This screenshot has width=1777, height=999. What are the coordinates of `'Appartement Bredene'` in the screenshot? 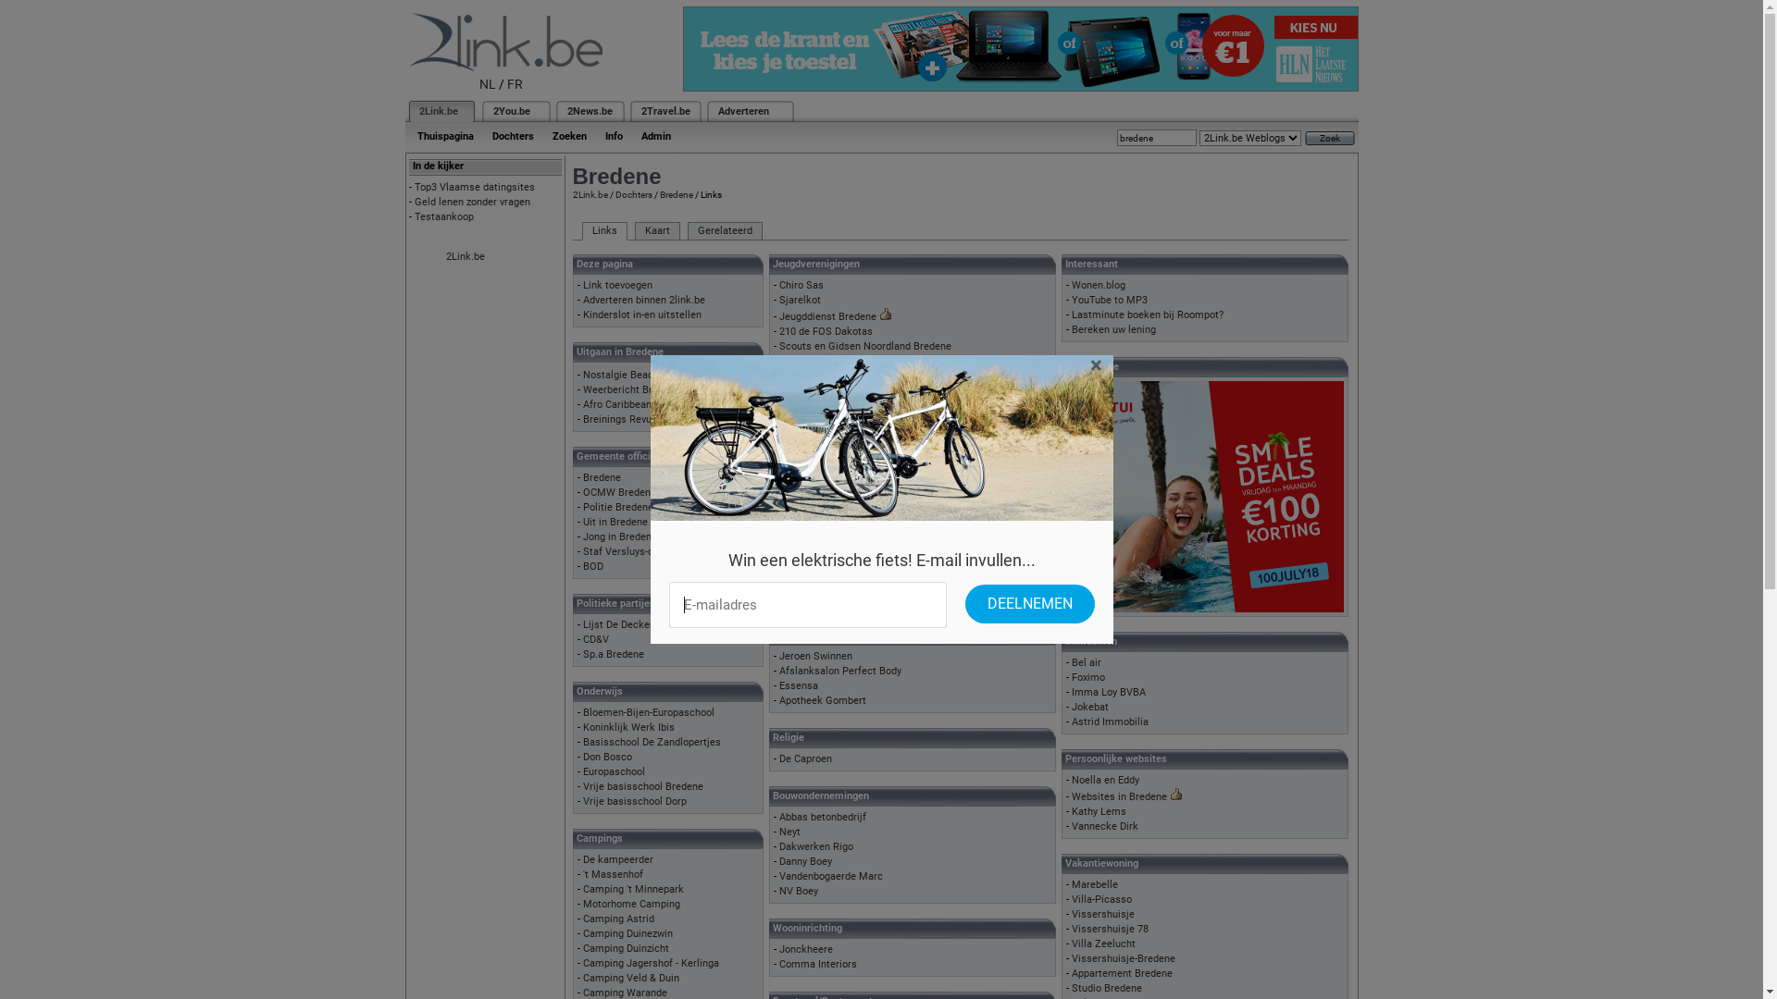 It's located at (1071, 972).